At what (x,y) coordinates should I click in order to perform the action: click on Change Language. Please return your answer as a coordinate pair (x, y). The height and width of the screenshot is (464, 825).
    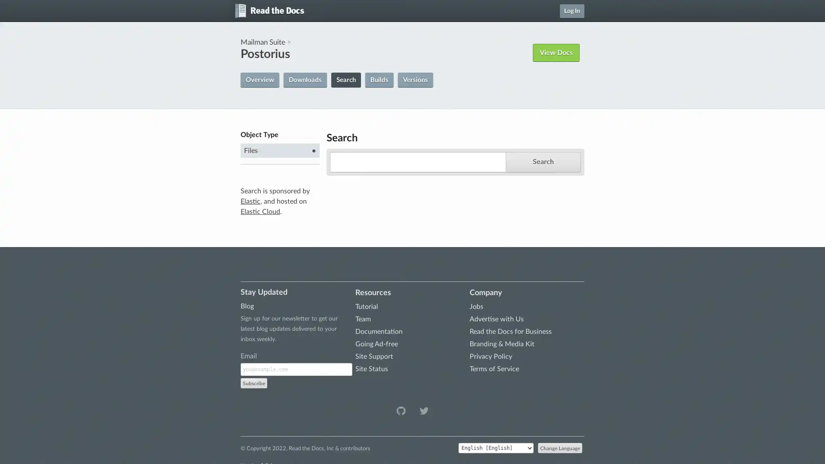
    Looking at the image, I should click on (560, 447).